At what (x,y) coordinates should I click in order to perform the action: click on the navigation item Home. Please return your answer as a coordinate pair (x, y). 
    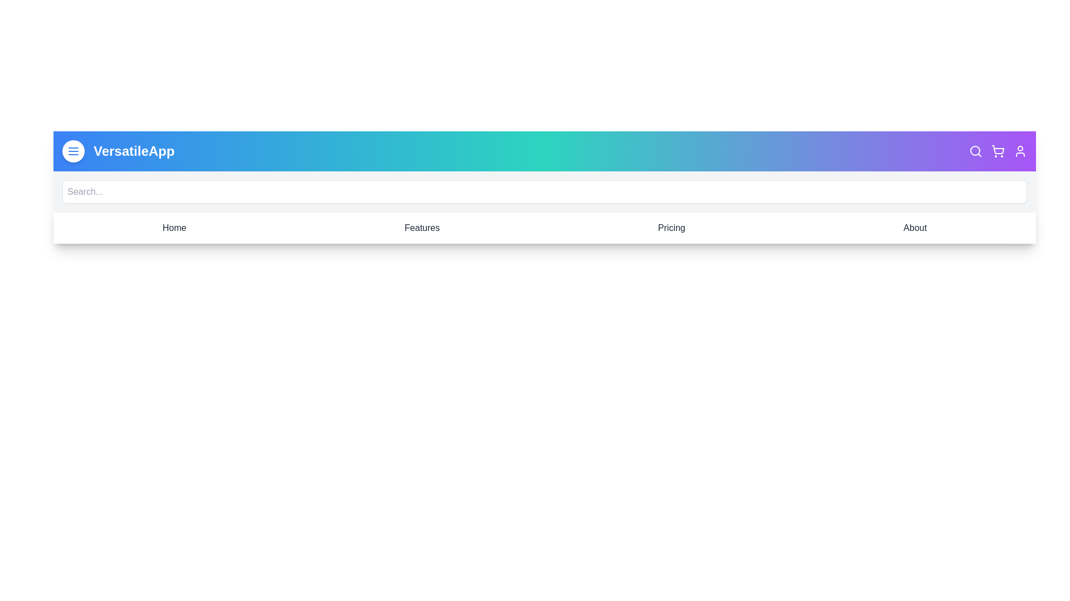
    Looking at the image, I should click on (173, 227).